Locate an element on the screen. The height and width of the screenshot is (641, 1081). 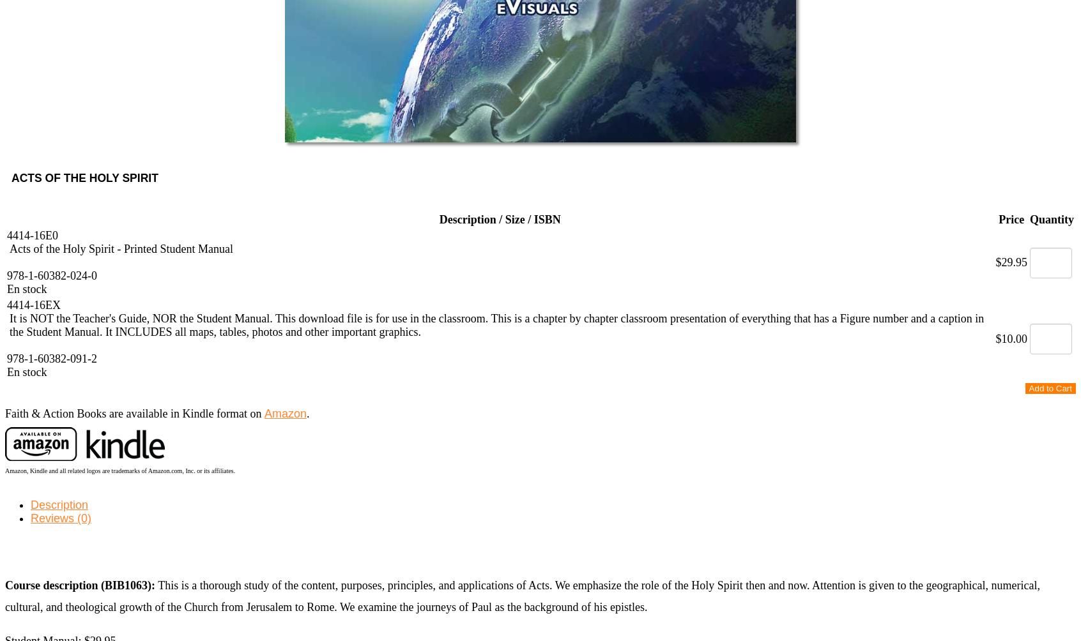
'Faith & Action Books are available in Kindle format on' is located at coordinates (134, 412).